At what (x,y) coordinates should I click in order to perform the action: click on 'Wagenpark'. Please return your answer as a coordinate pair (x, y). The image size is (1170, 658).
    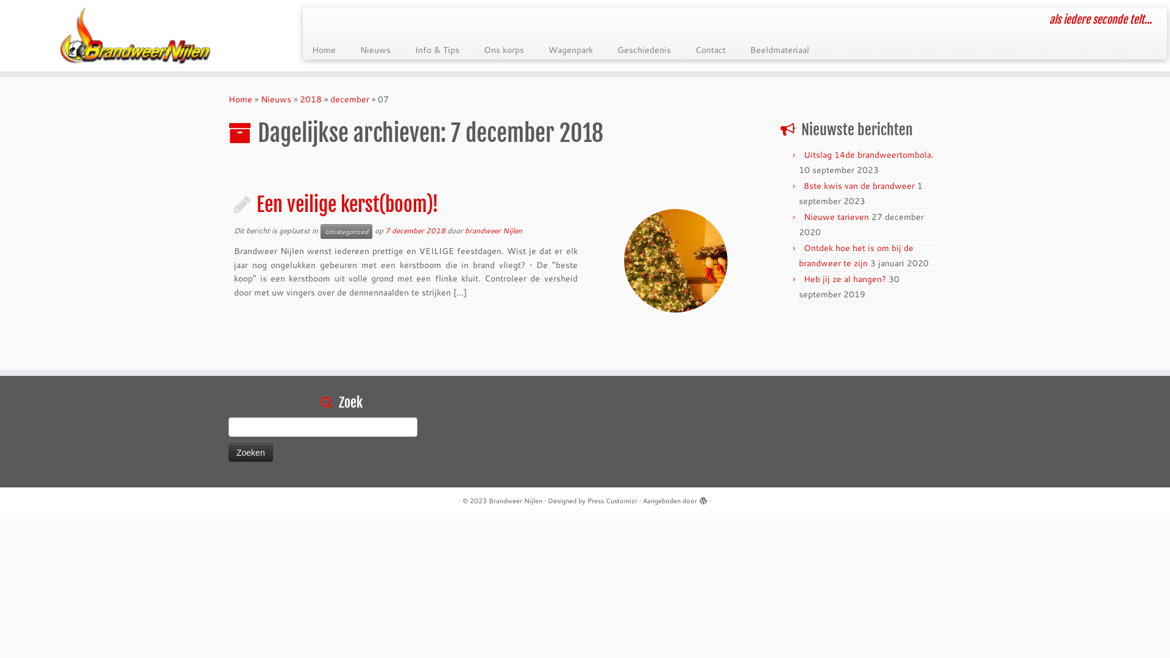
    Looking at the image, I should click on (570, 49).